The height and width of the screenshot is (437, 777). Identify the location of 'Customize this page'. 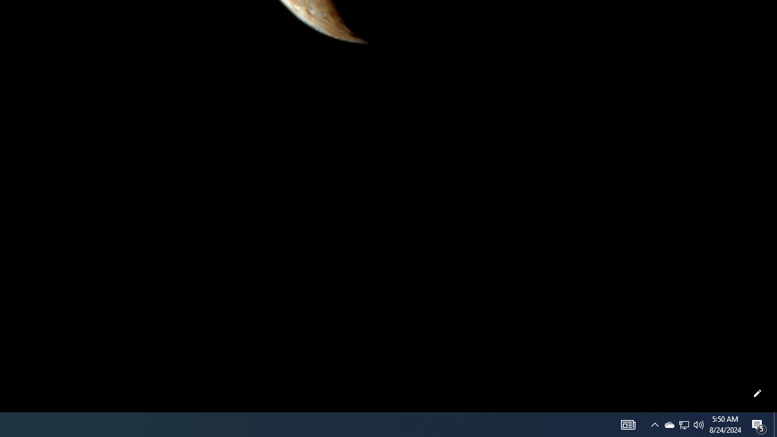
(757, 393).